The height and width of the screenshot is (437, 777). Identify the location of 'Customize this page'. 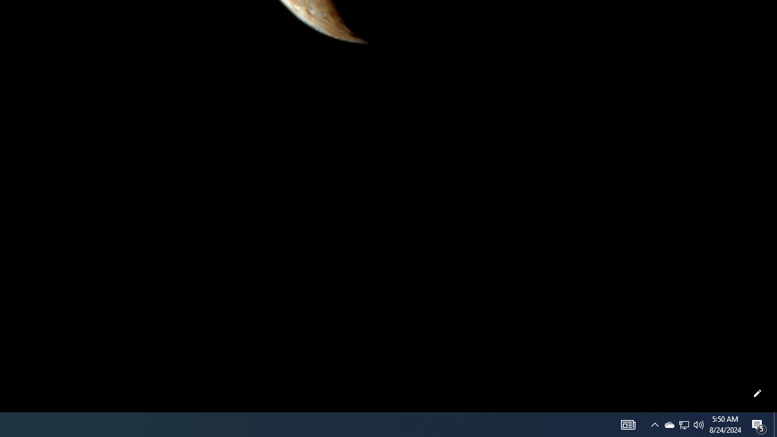
(757, 393).